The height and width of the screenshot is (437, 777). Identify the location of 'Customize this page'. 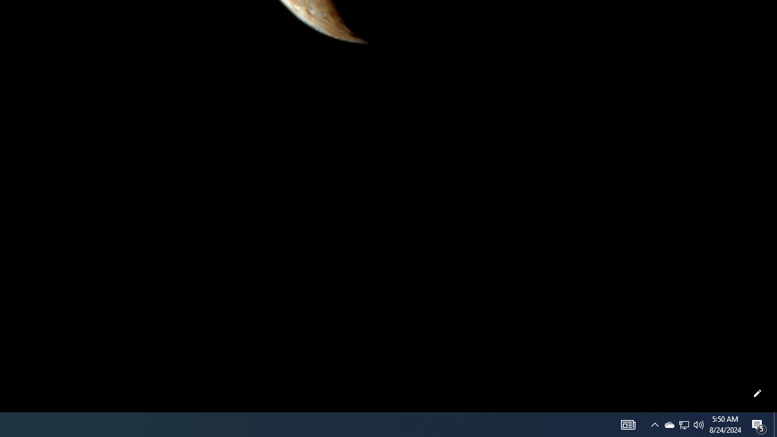
(757, 393).